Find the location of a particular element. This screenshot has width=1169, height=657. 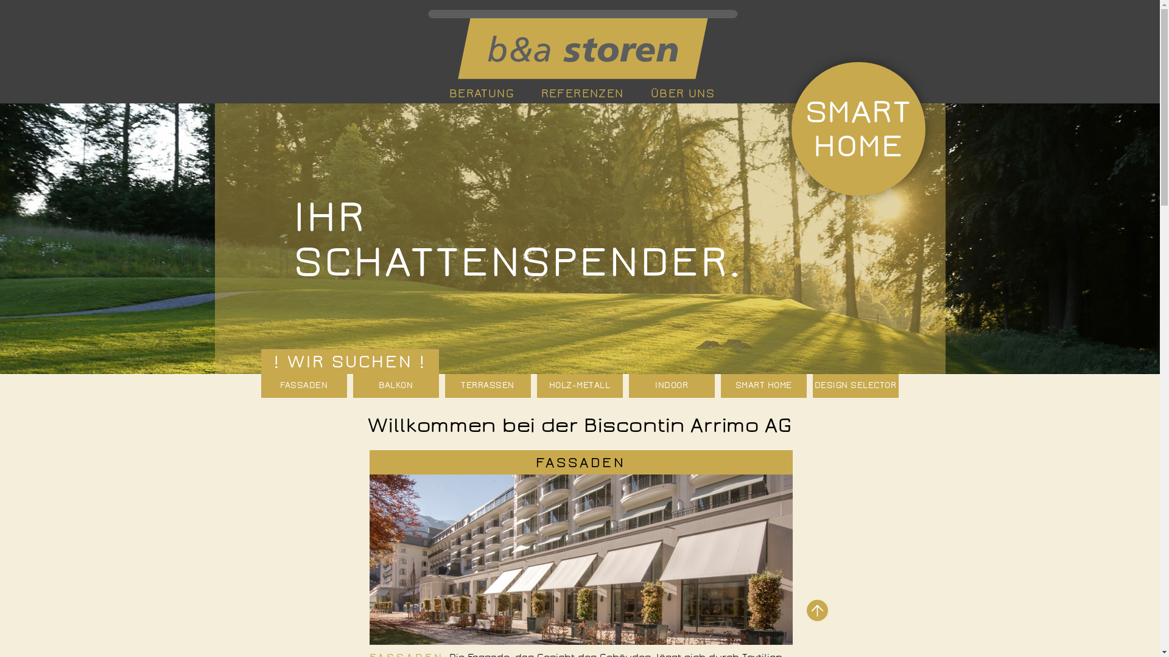

'FASSADEN' is located at coordinates (580, 462).